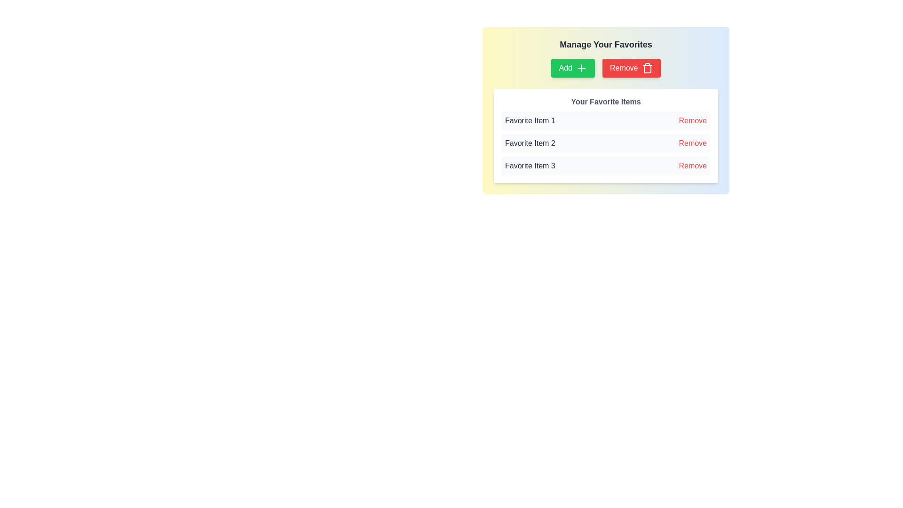 This screenshot has height=508, width=903. What do you see at coordinates (693, 143) in the screenshot?
I see `the 'Remove' button-like interactive text control associated with 'Favorite Item 2'` at bounding box center [693, 143].